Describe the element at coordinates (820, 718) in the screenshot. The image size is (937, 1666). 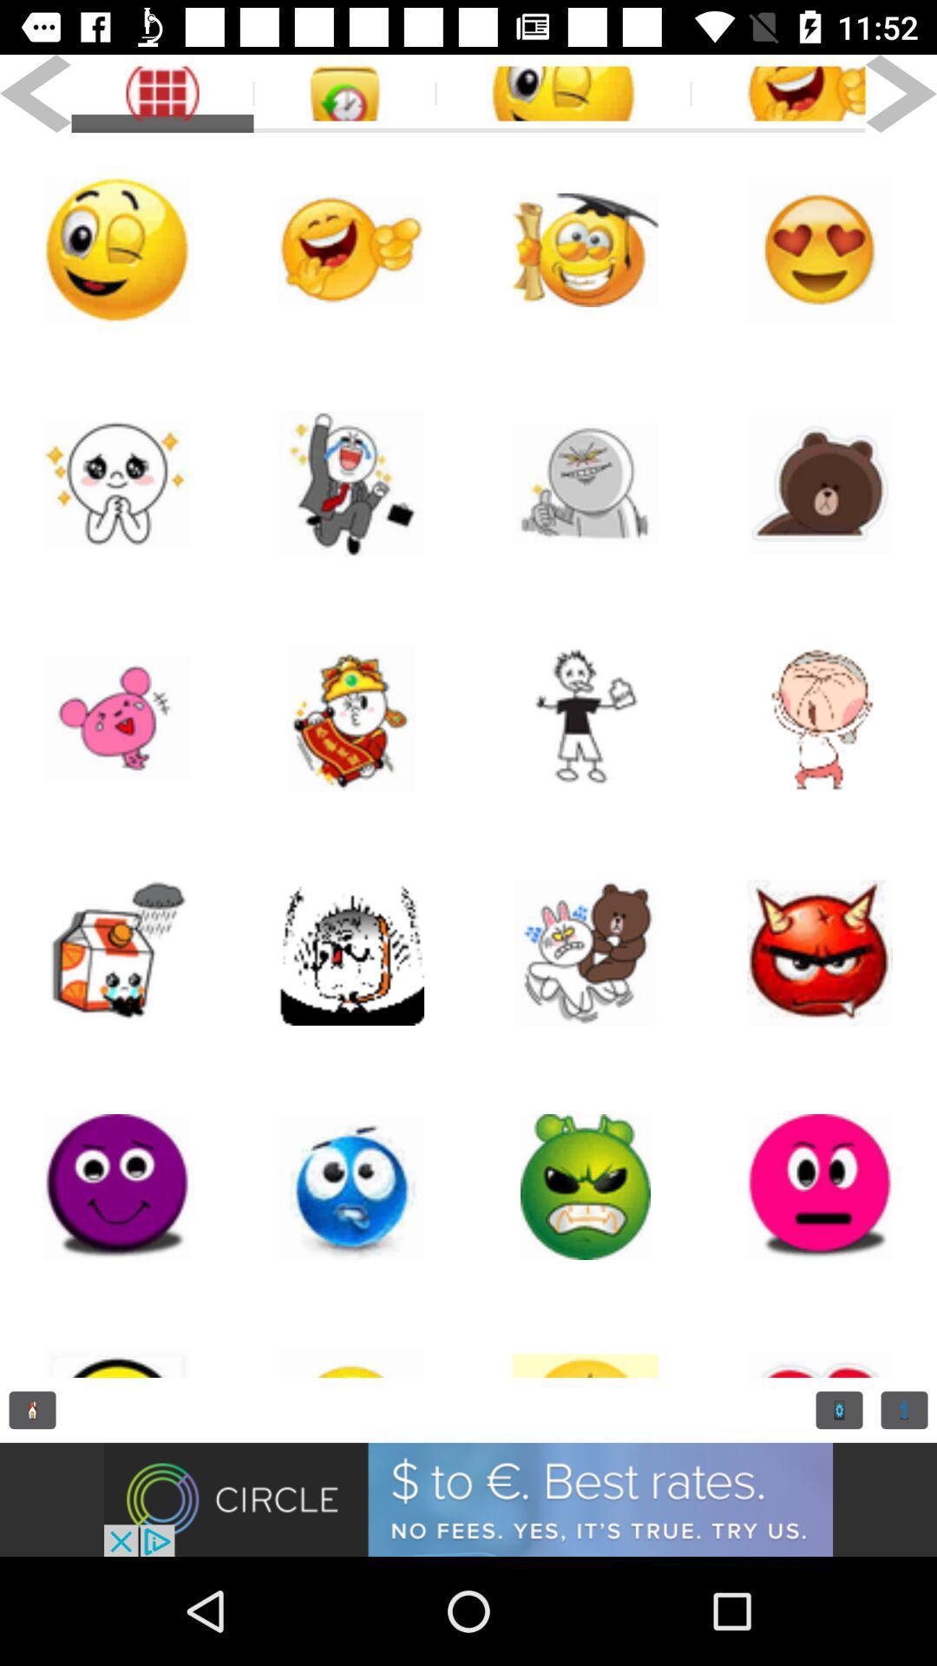
I see `smiley option` at that location.